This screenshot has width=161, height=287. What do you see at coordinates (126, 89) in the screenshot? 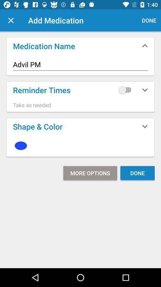
I see `item next to reminder times item` at bounding box center [126, 89].